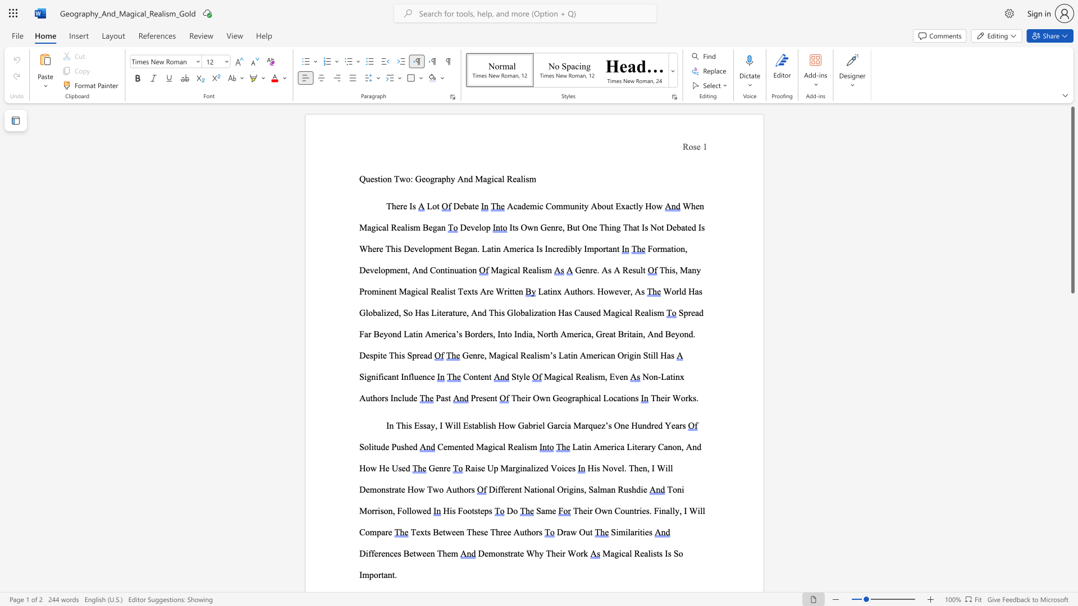 This screenshot has height=606, width=1078. What do you see at coordinates (1072, 426) in the screenshot?
I see `the scrollbar on the right to shift the page lower` at bounding box center [1072, 426].